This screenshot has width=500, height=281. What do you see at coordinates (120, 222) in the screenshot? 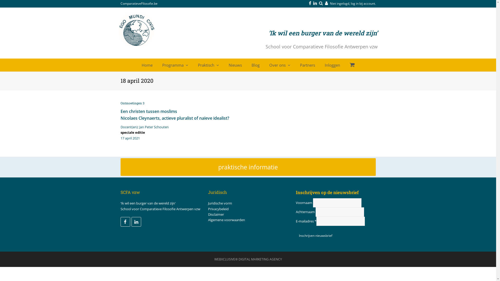
I see `'Facebook'` at bounding box center [120, 222].